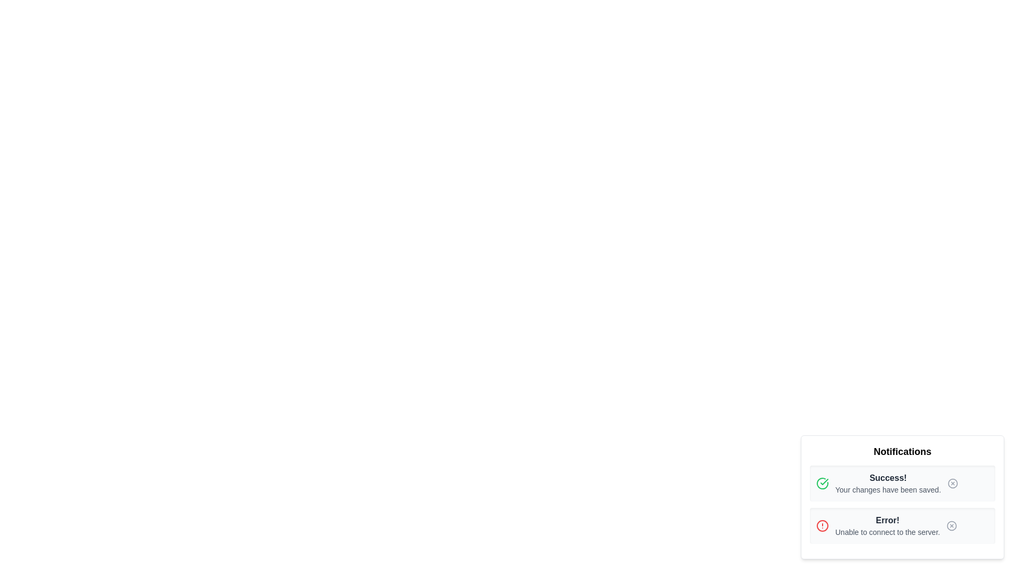 The image size is (1017, 572). I want to click on the notification titled '<notification_title>', so click(902, 484).